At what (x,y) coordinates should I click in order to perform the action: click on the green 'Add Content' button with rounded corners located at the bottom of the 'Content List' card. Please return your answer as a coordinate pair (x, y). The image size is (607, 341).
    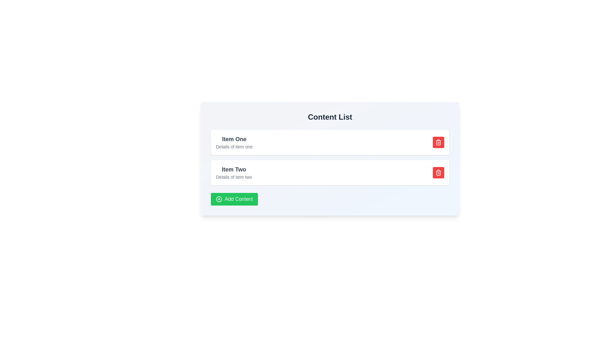
    Looking at the image, I should click on (234, 199).